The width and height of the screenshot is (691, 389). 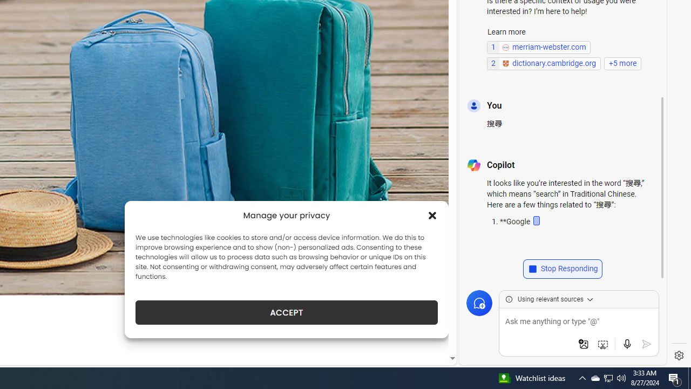 What do you see at coordinates (287, 312) in the screenshot?
I see `'ACCEPT'` at bounding box center [287, 312].